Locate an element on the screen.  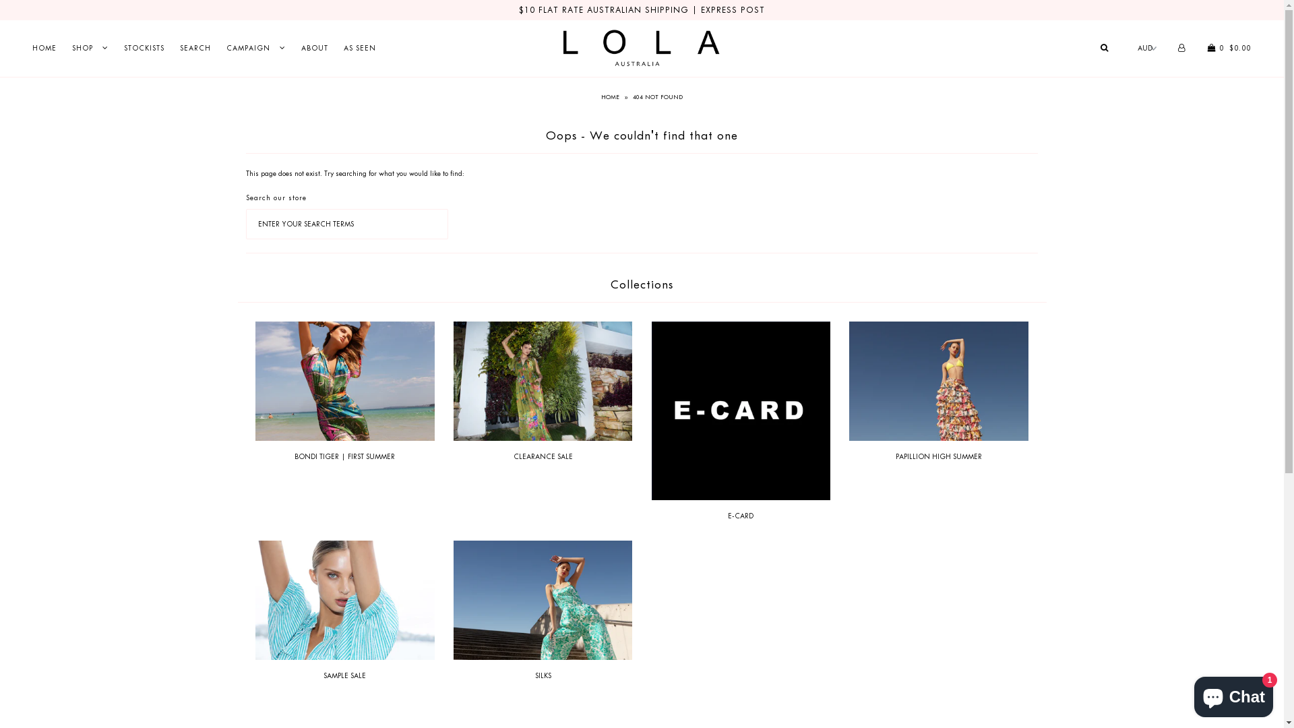
'SEARCH' is located at coordinates (194, 47).